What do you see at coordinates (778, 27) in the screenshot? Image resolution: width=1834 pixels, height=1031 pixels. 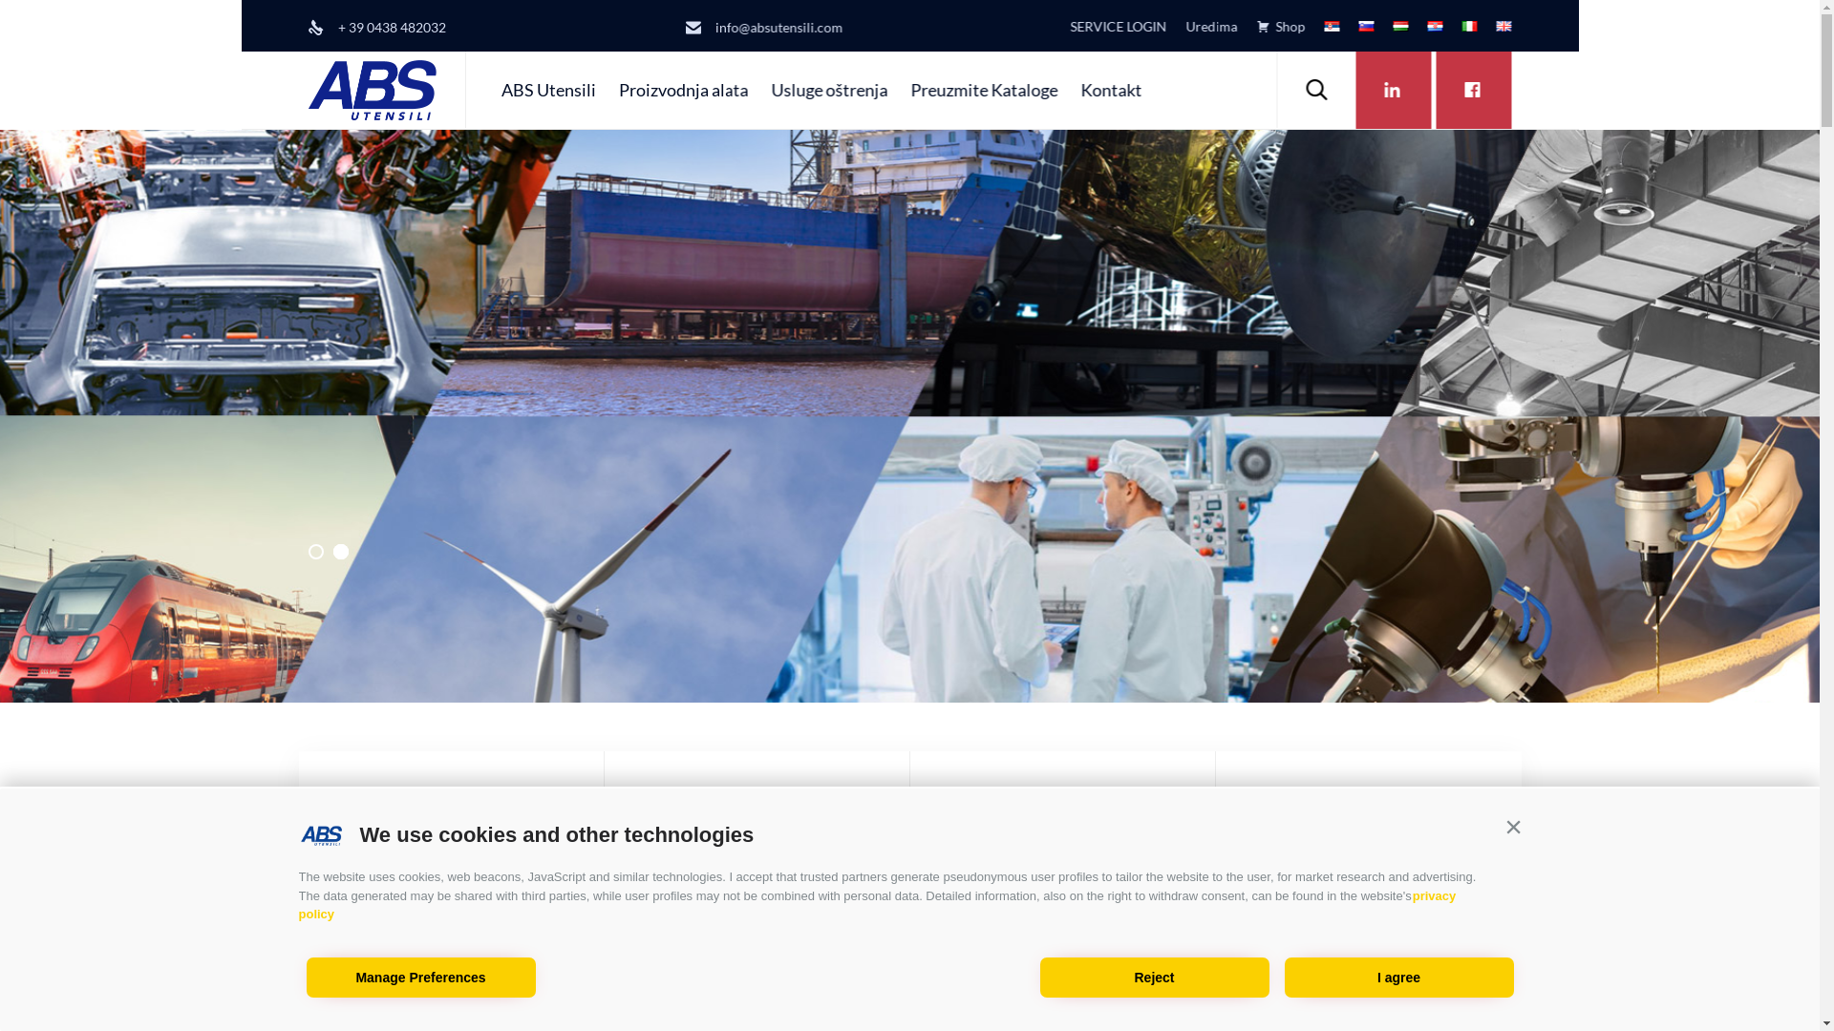 I see `'info@absutensili.com'` at bounding box center [778, 27].